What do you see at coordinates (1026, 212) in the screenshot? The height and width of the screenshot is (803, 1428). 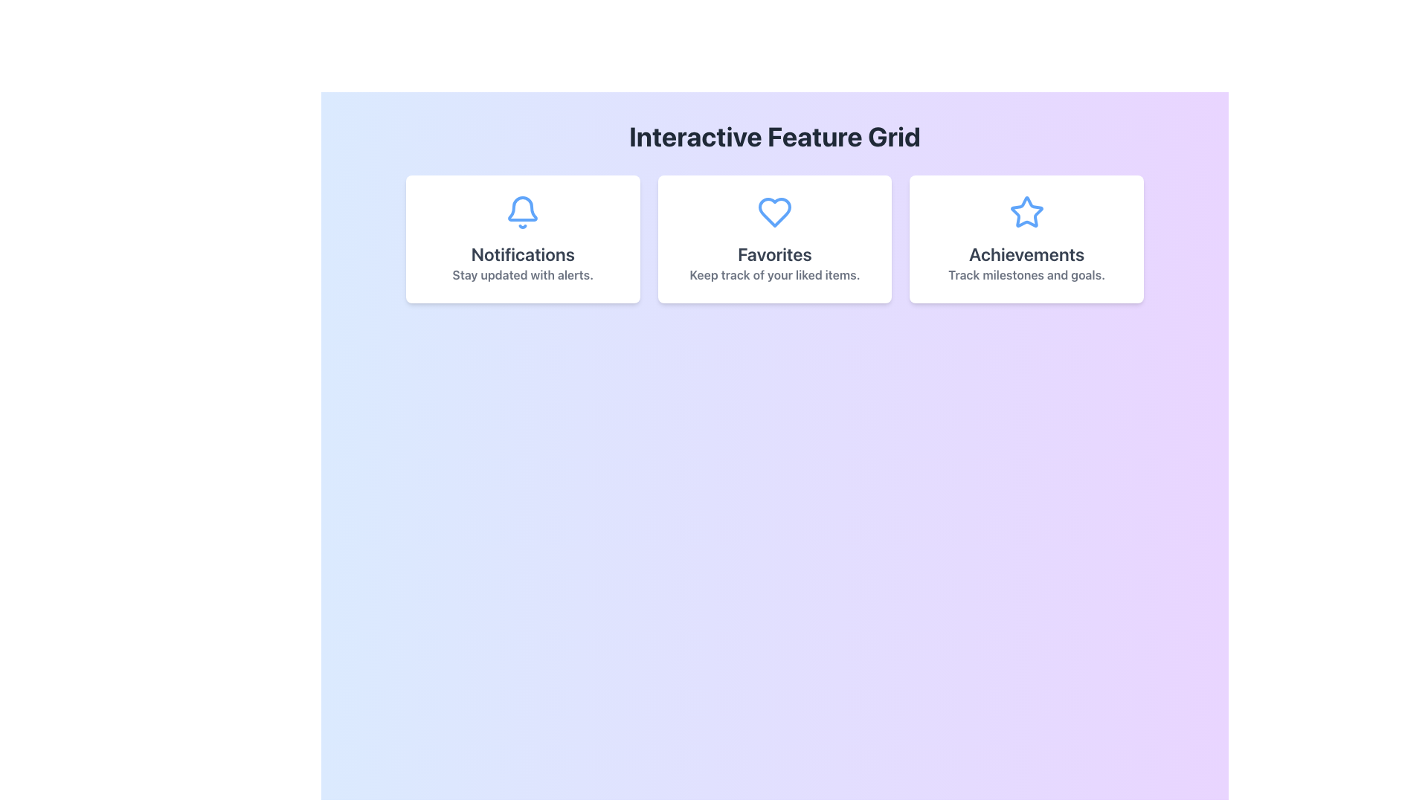 I see `the blue star-shaped icon with a hollow center located above the 'Achievements' text in the rightmost card of the 'Interactive Feature Grid'` at bounding box center [1026, 212].